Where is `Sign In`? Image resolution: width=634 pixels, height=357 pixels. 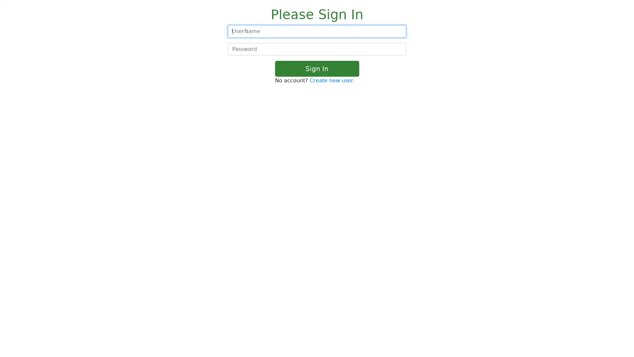 Sign In is located at coordinates (316, 69).